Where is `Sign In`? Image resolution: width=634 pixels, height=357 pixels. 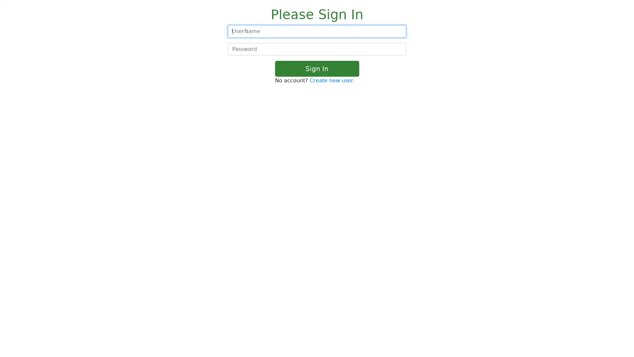 Sign In is located at coordinates (316, 69).